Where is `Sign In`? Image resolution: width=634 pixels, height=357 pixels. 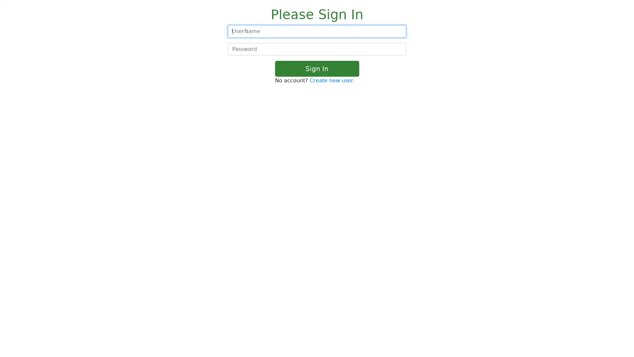 Sign In is located at coordinates (316, 69).